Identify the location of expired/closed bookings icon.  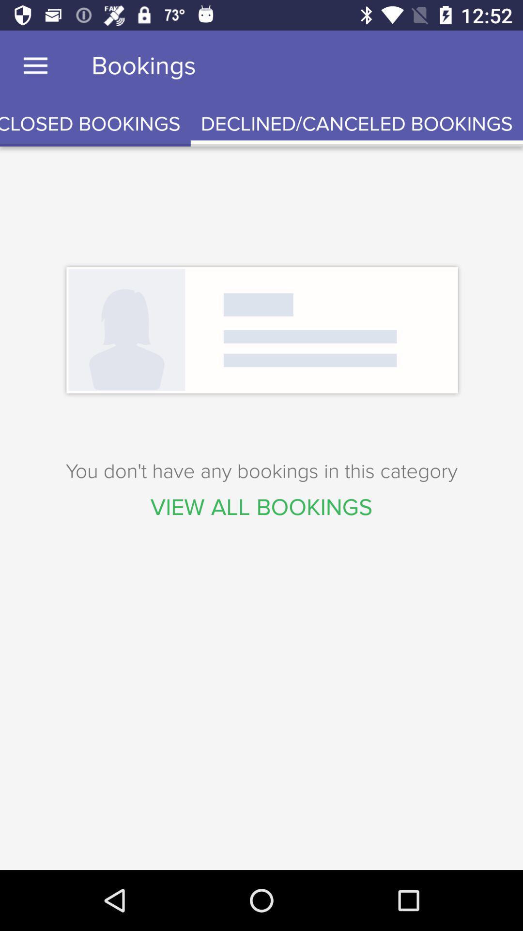
(95, 124).